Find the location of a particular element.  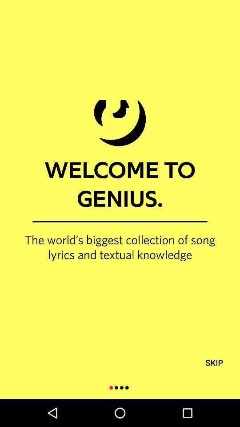

skip icon is located at coordinates (214, 363).